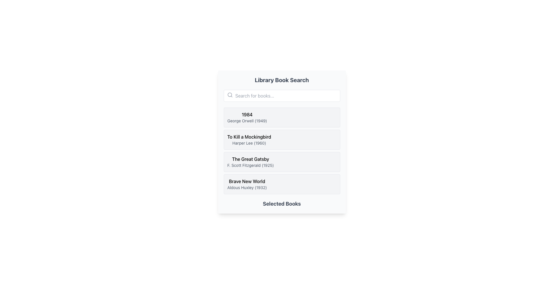 The width and height of the screenshot is (548, 308). Describe the element at coordinates (282, 117) in the screenshot. I see `the first list item titled '1984' by George Orwell` at that location.